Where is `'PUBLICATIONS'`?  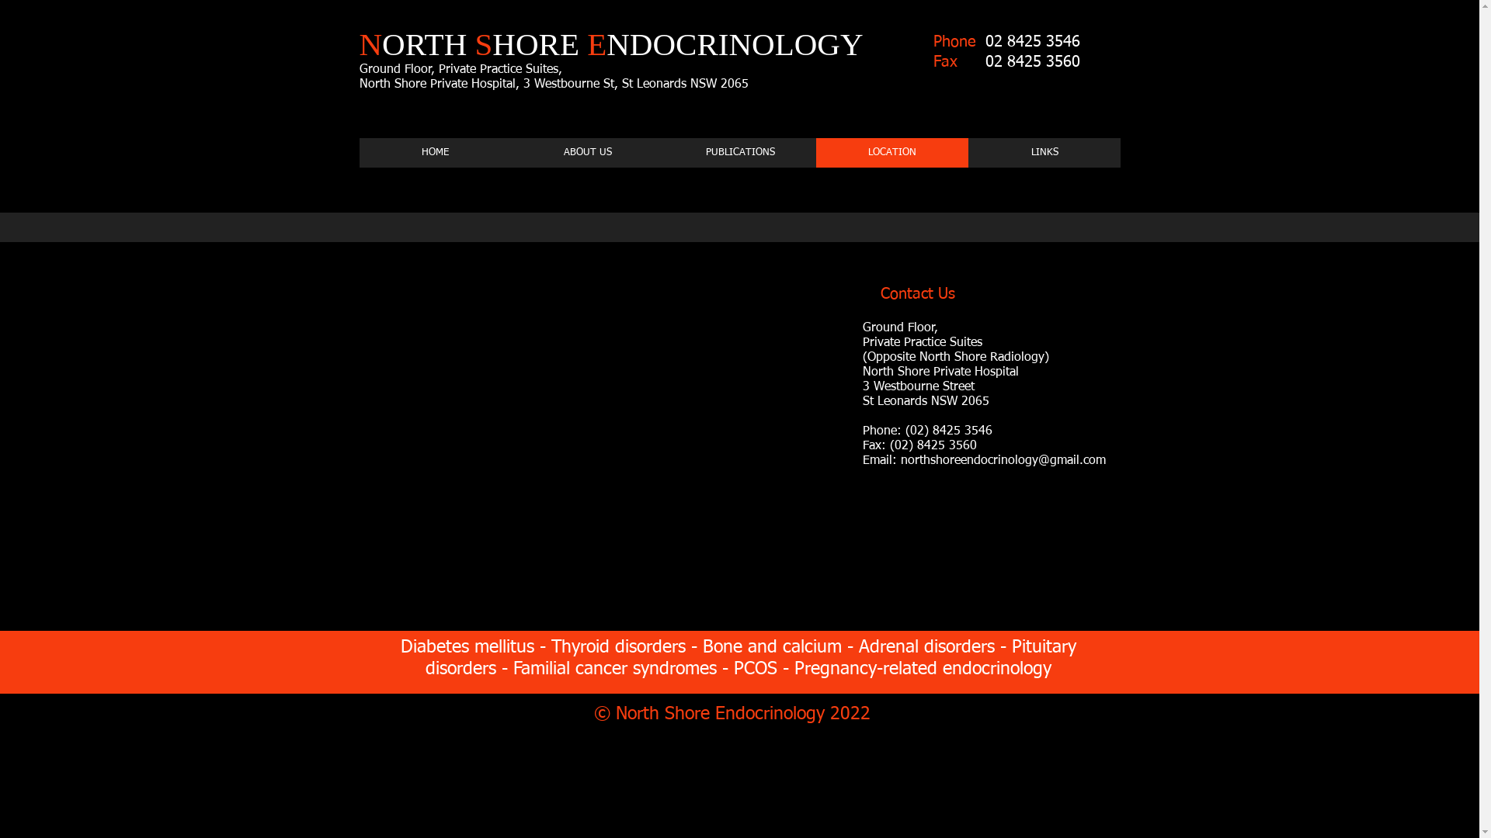
'PUBLICATIONS' is located at coordinates (738, 152).